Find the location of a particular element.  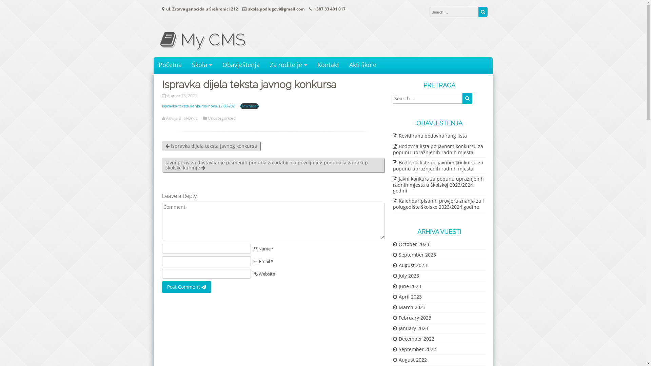

'Za roditelje' is located at coordinates (288, 65).